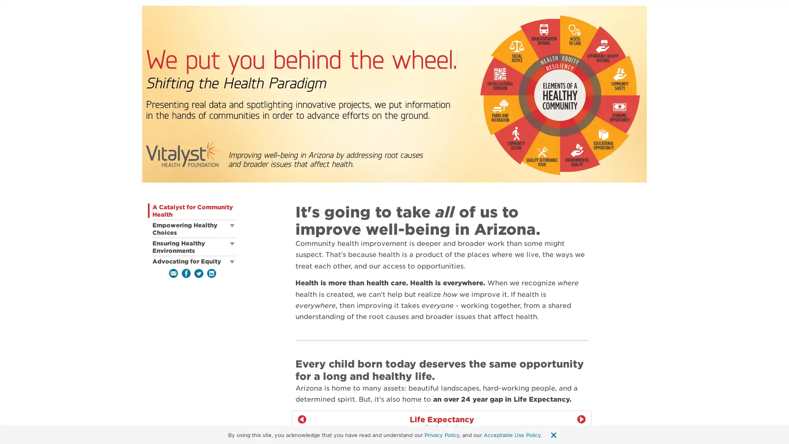 Image resolution: width=789 pixels, height=444 pixels. I want to click on Toggle menu display: Export map data, so click(582, 437).